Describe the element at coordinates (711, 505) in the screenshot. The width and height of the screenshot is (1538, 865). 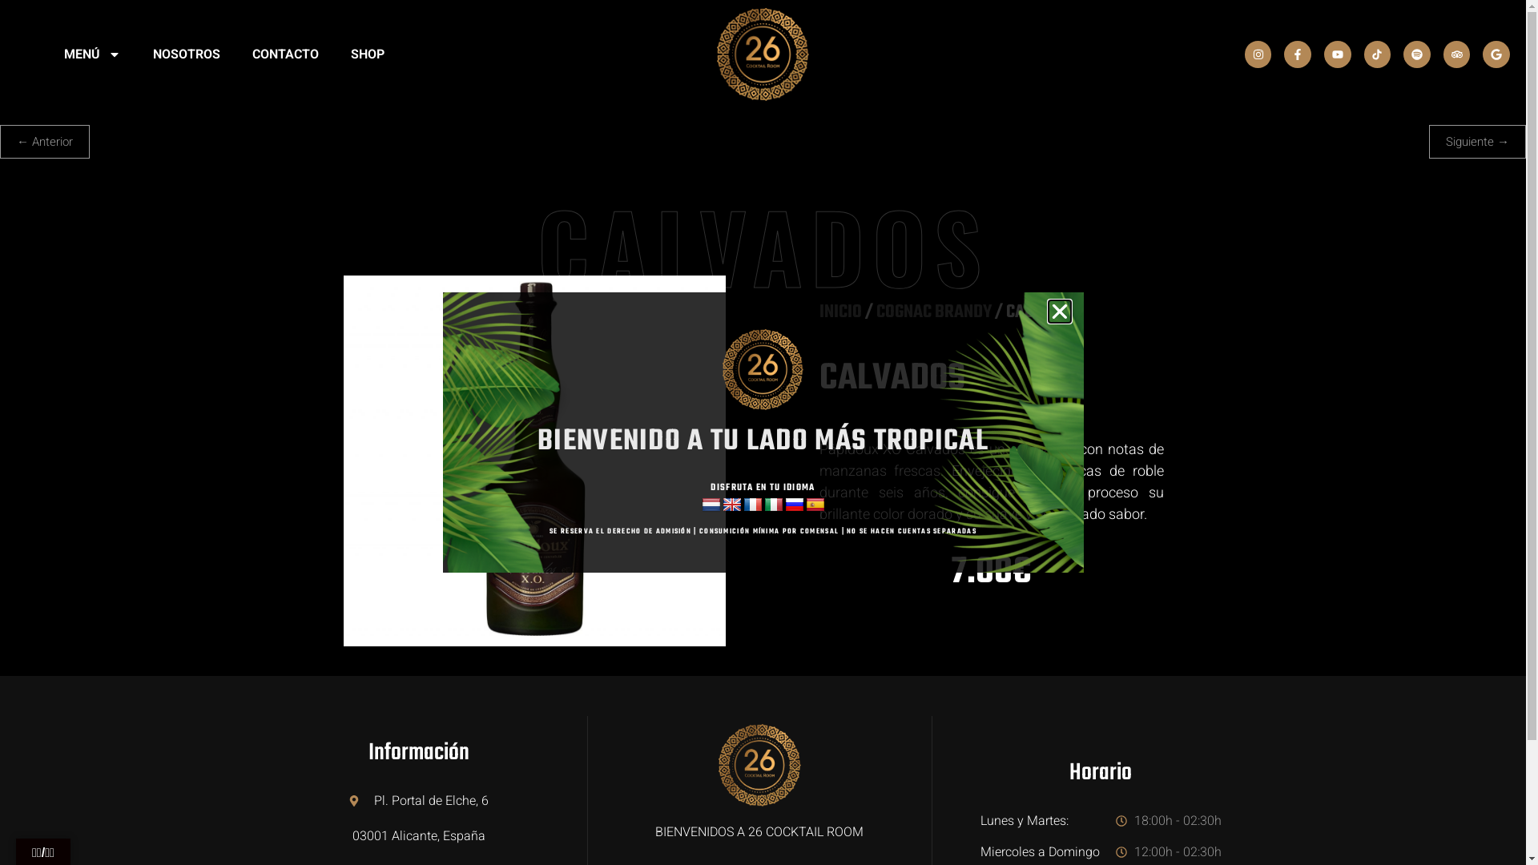
I see `'Dutch'` at that location.